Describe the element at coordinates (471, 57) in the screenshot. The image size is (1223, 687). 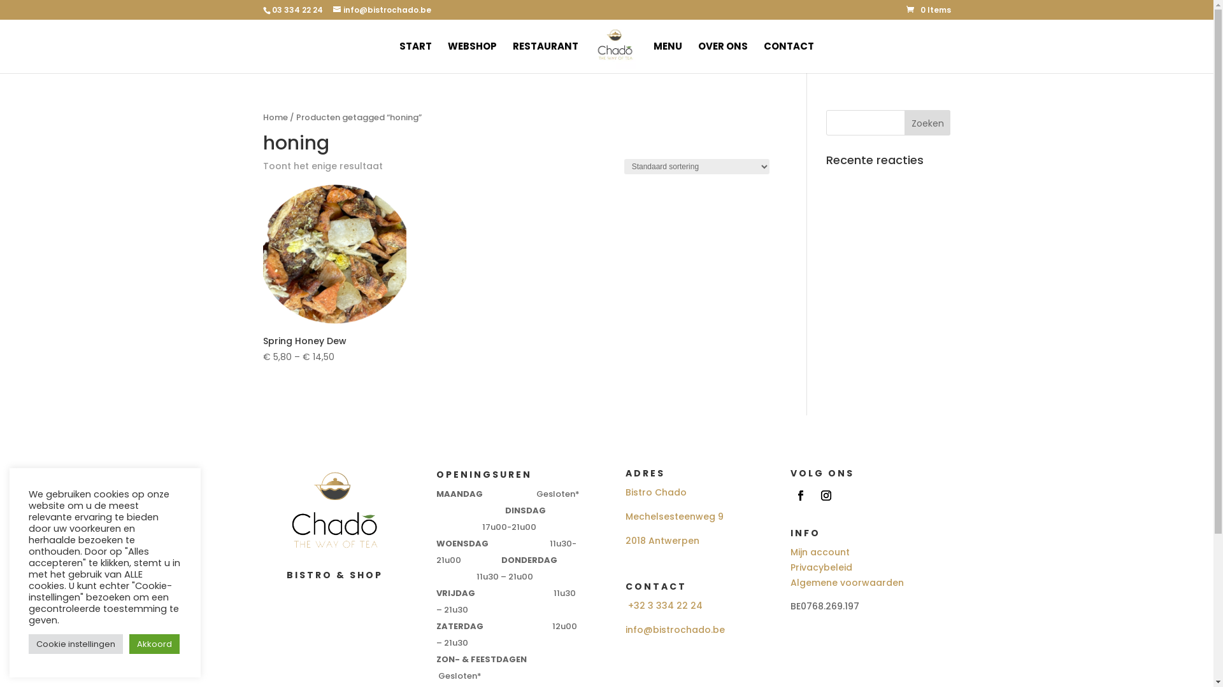
I see `'WEBSHOP'` at that location.